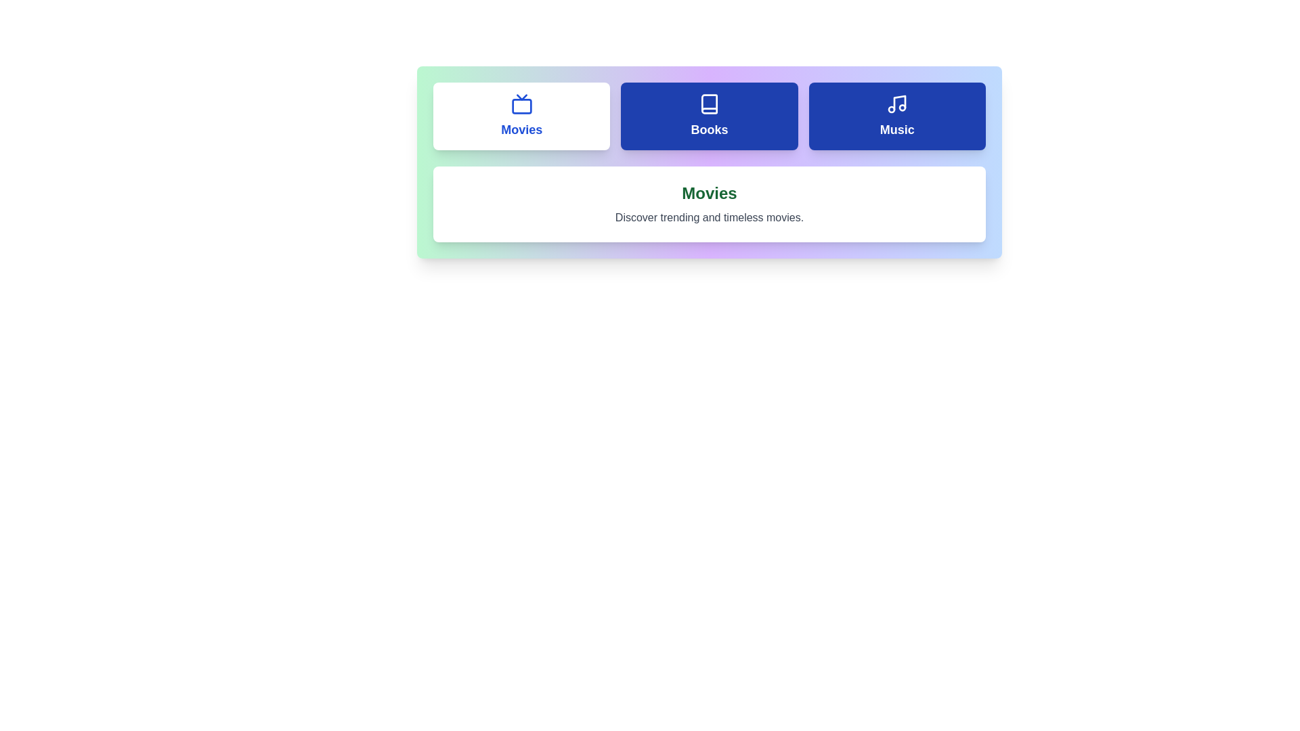 This screenshot has height=731, width=1300. What do you see at coordinates (897, 116) in the screenshot?
I see `the 'Music' button` at bounding box center [897, 116].